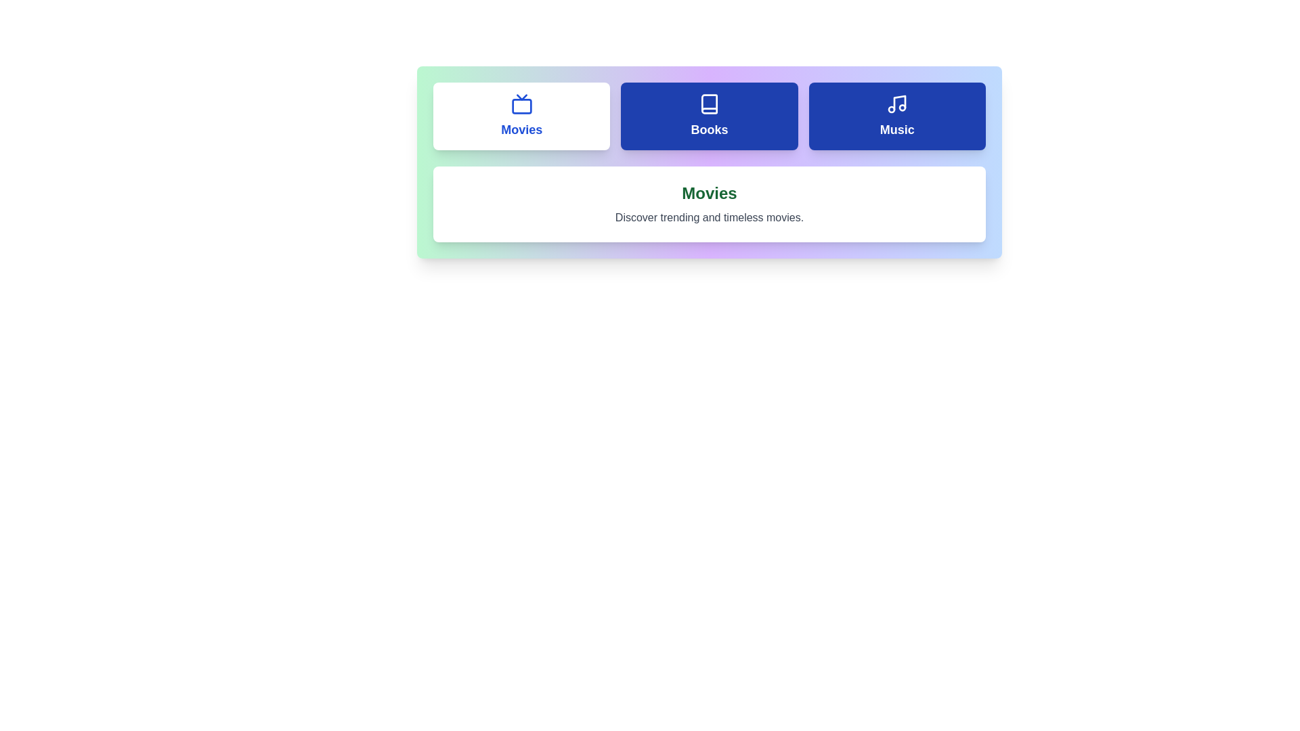 This screenshot has height=731, width=1300. What do you see at coordinates (897, 116) in the screenshot?
I see `the 'Music' button` at bounding box center [897, 116].